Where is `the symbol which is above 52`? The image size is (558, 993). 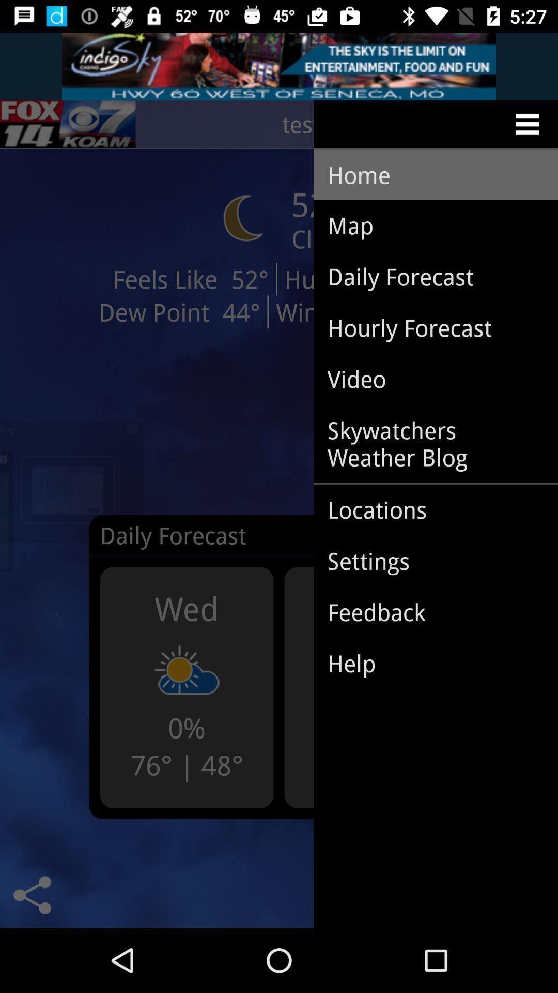
the symbol which is above 52 is located at coordinates (244, 218).